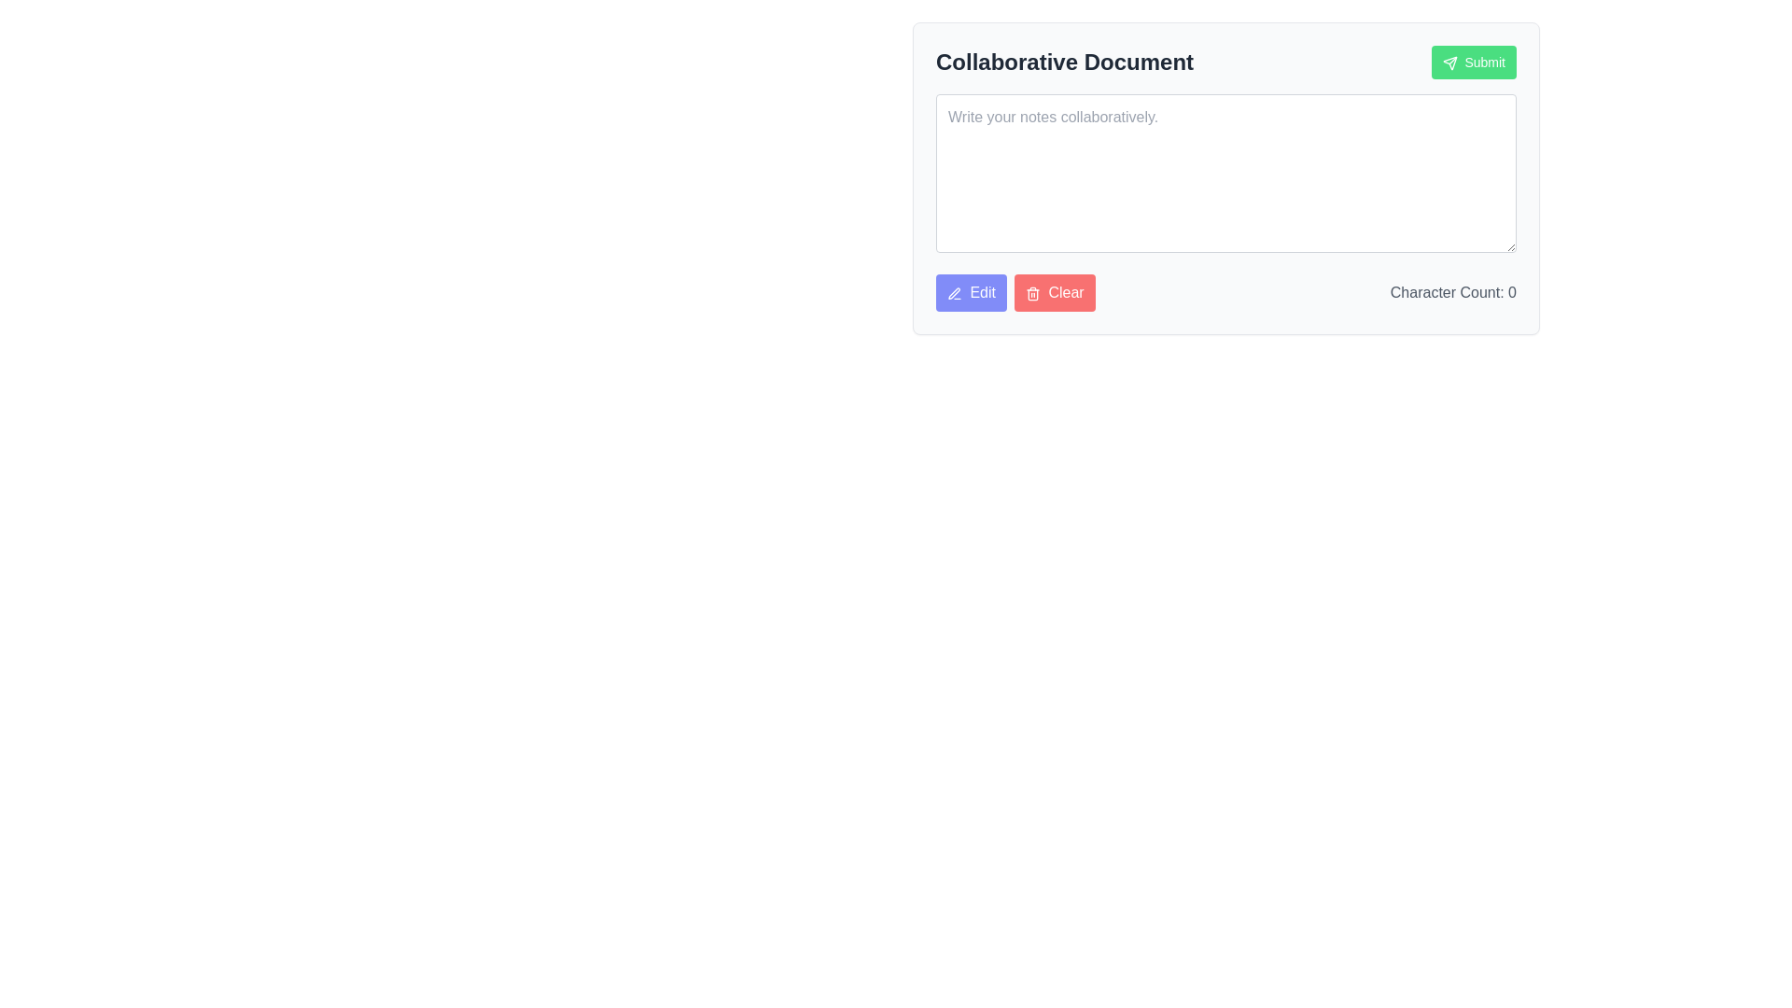 Image resolution: width=1792 pixels, height=1008 pixels. What do you see at coordinates (1015, 292) in the screenshot?
I see `the Interactive button group located in the lower part of the 'Collaborative Document' panel, which contains 'Edit' and 'Clear' buttons` at bounding box center [1015, 292].